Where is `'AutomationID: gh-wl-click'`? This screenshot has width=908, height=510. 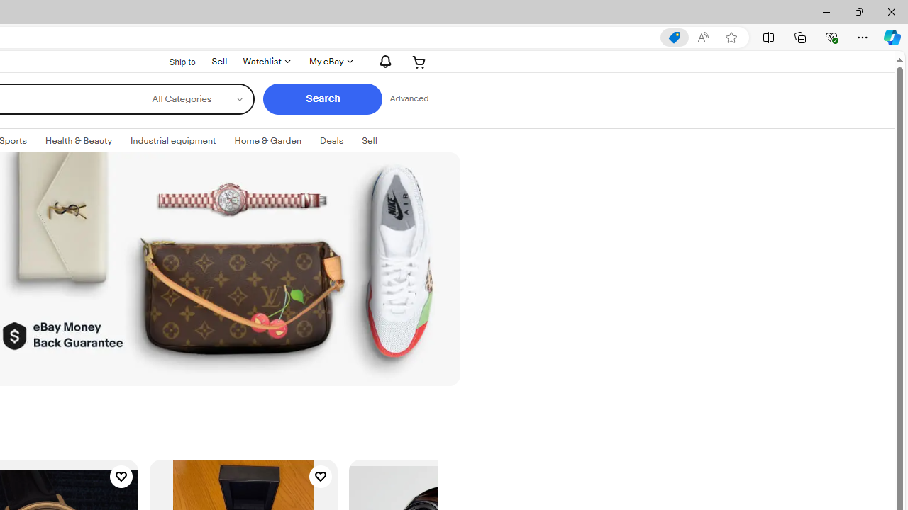 'AutomationID: gh-wl-click' is located at coordinates (266, 61).